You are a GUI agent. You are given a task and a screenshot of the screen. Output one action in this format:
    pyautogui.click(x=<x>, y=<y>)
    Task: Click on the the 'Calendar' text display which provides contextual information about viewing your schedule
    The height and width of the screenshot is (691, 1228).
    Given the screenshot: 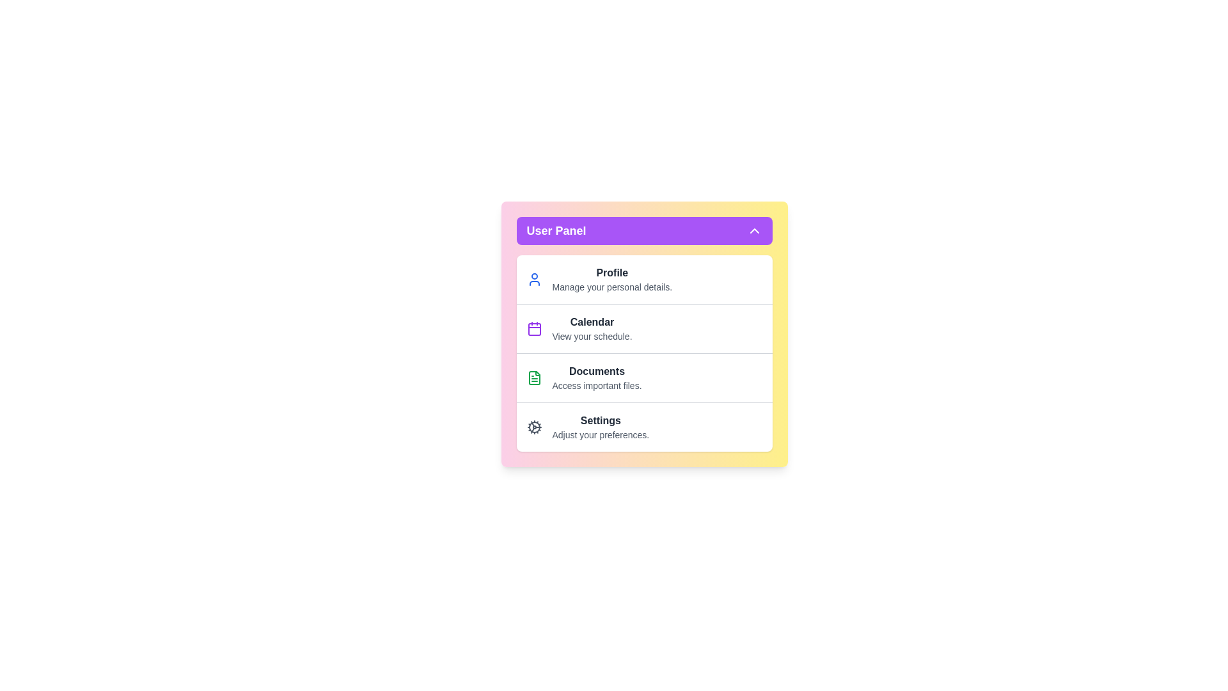 What is the action you would take?
    pyautogui.click(x=592, y=328)
    